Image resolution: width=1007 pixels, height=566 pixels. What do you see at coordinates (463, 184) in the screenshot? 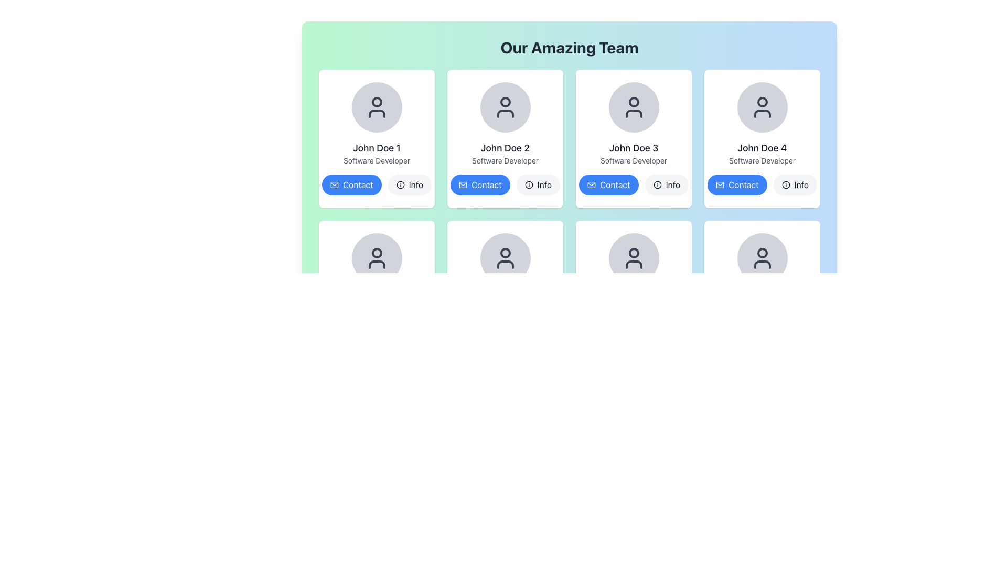
I see `the envelope icon located on the left side of the 'Contact' button in the profile card grid` at bounding box center [463, 184].